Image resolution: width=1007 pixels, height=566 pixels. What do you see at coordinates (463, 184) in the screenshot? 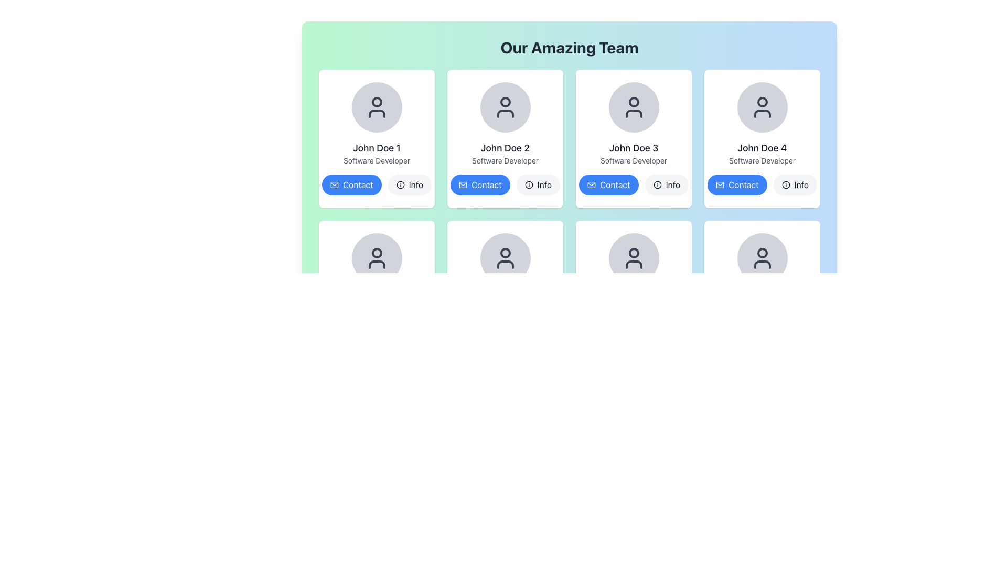
I see `the envelope icon located on the left side of the 'Contact' button in the profile card grid` at bounding box center [463, 184].